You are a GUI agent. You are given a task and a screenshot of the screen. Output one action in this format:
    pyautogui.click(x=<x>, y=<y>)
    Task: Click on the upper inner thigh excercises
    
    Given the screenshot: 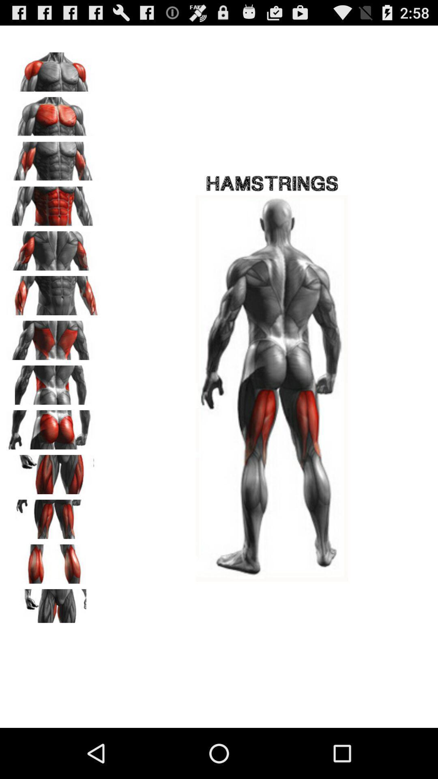 What is the action you would take?
    pyautogui.click(x=53, y=606)
    